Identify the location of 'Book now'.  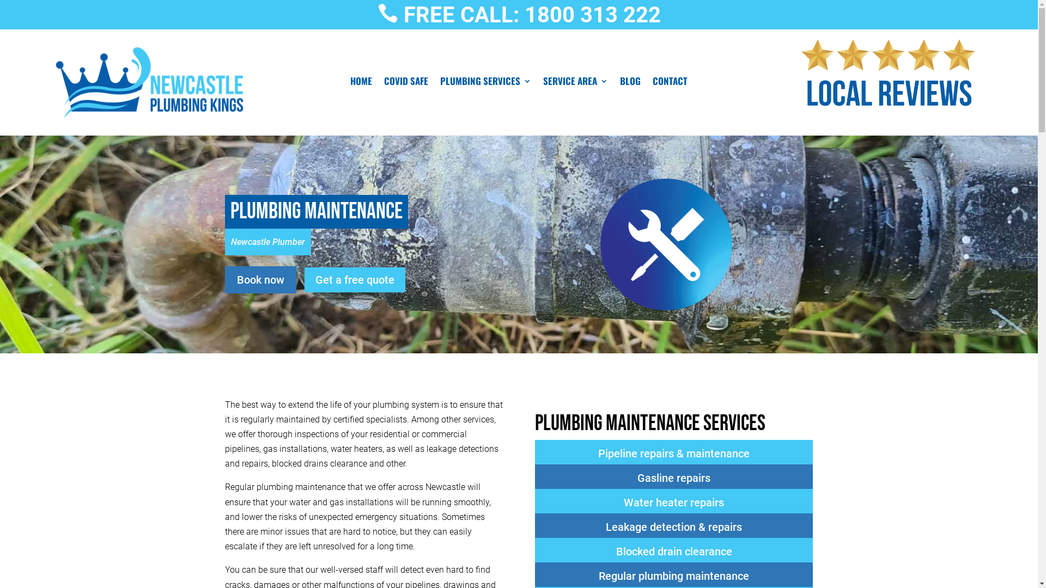
(259, 279).